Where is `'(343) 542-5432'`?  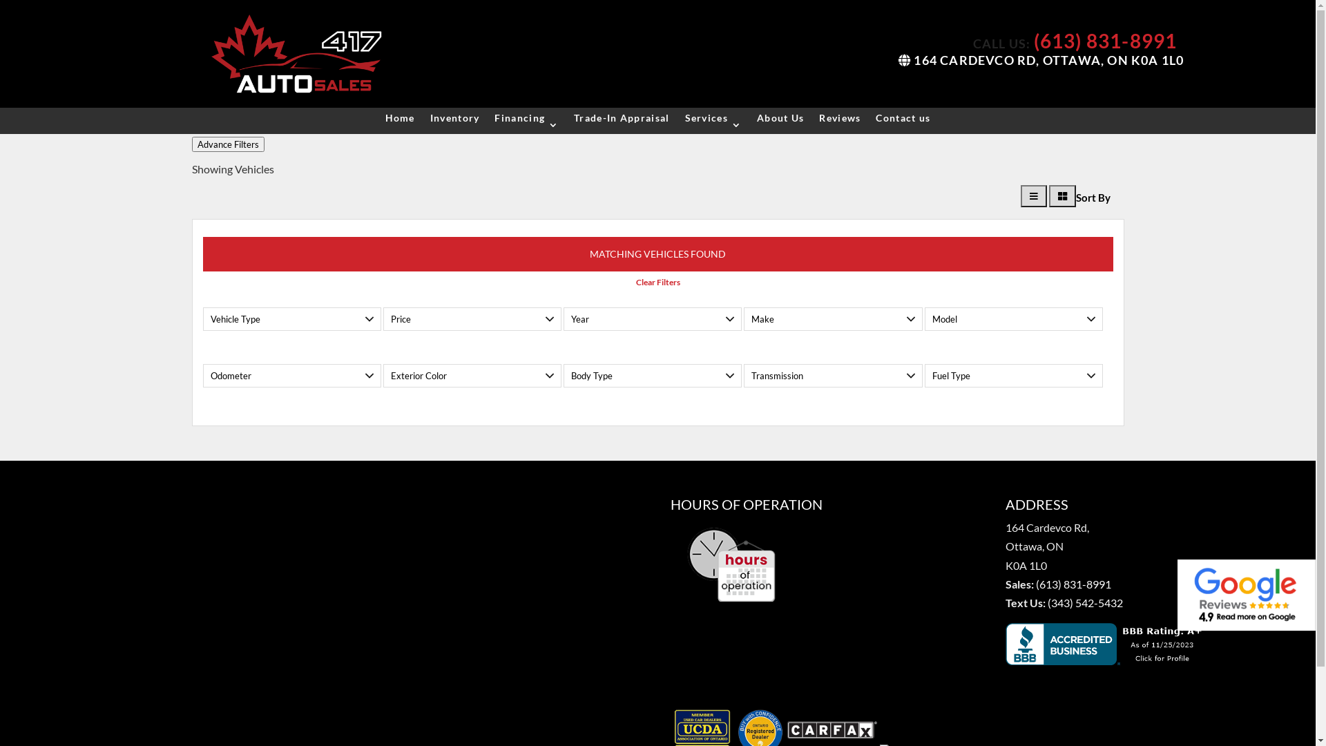
'(343) 542-5432' is located at coordinates (1047, 602).